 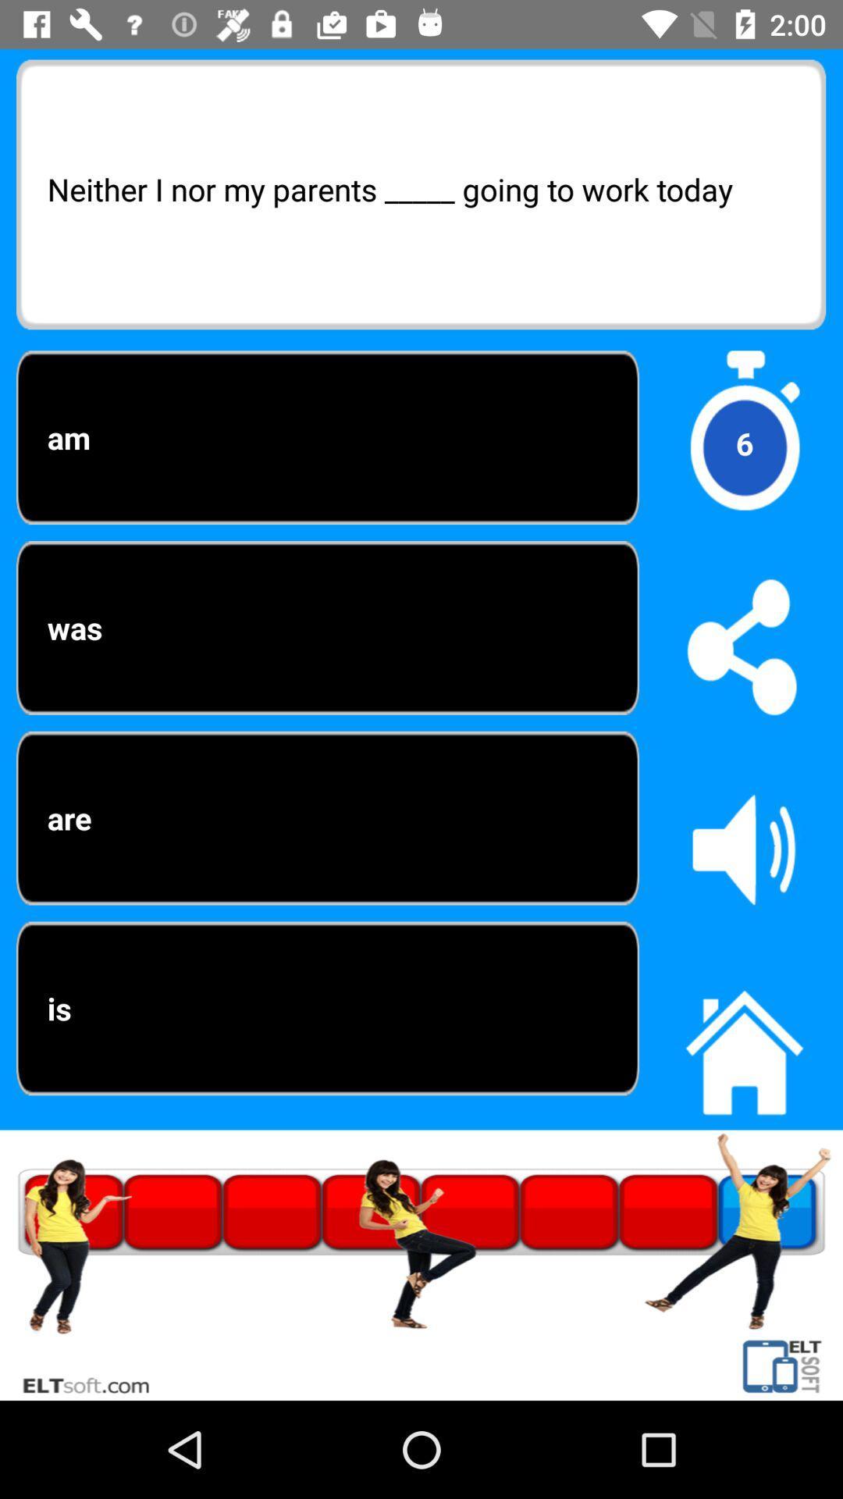 I want to click on item to the left of the 6 item, so click(x=327, y=628).